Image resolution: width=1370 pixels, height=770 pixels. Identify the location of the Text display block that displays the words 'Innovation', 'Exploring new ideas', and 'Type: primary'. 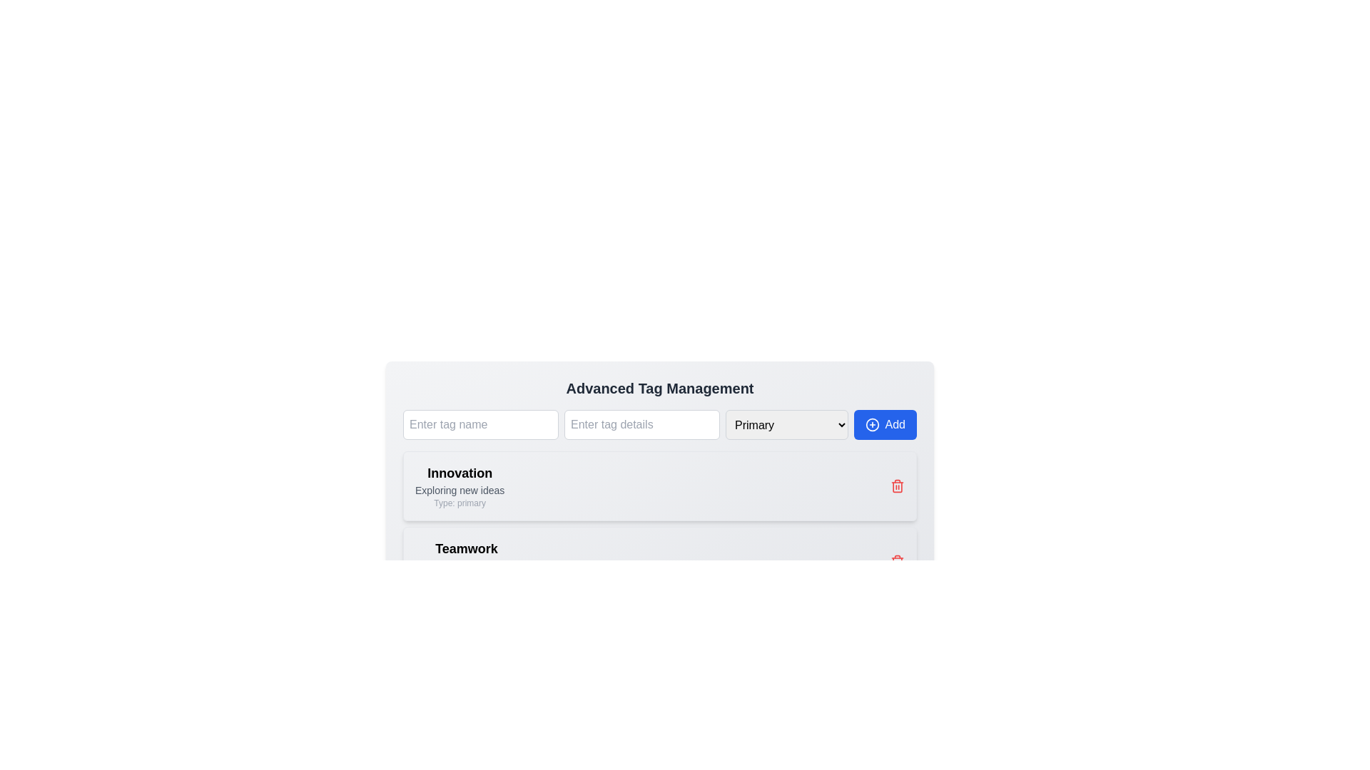
(460, 486).